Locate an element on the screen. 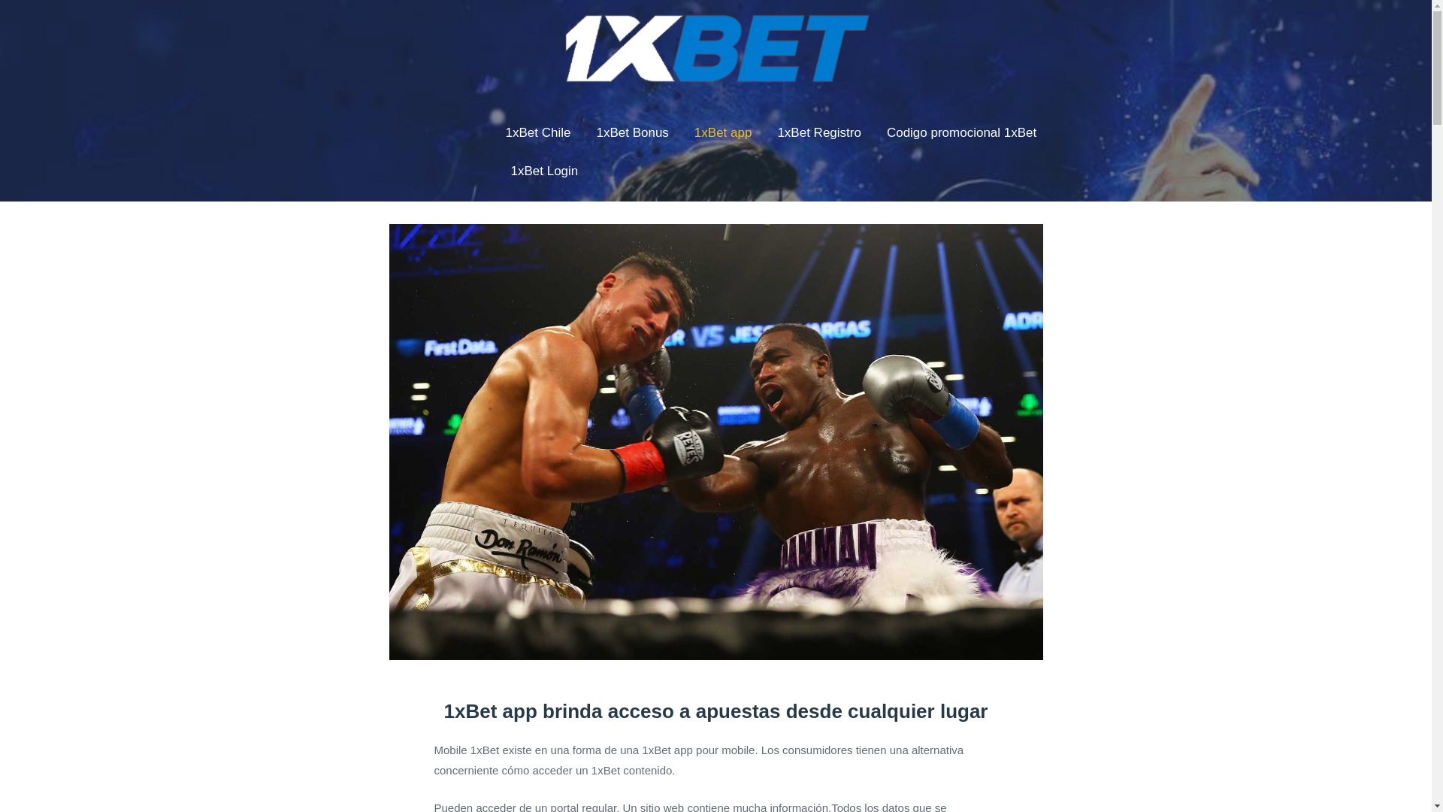  '1xBet app' is located at coordinates (723, 132).